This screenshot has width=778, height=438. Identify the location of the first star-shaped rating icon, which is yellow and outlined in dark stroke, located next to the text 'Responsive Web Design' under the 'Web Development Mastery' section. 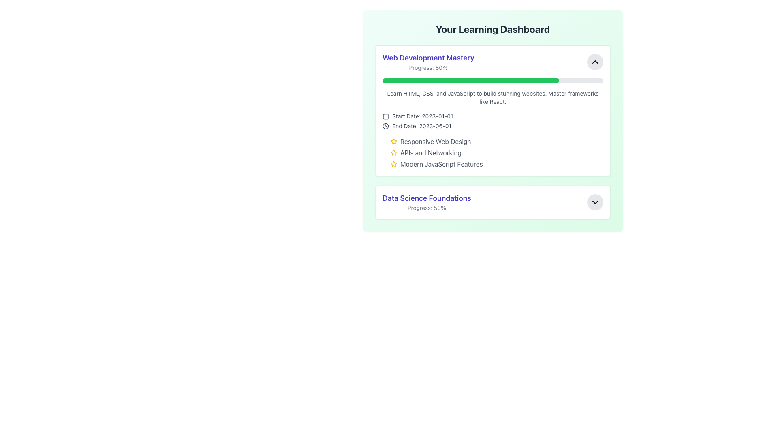
(393, 141).